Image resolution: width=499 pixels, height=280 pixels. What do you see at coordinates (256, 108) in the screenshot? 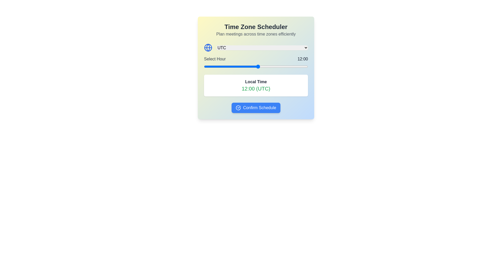
I see `the 'Confirm Schedule' button with a blue background and a checkmark icon to initiate the schedule confirmation` at bounding box center [256, 108].